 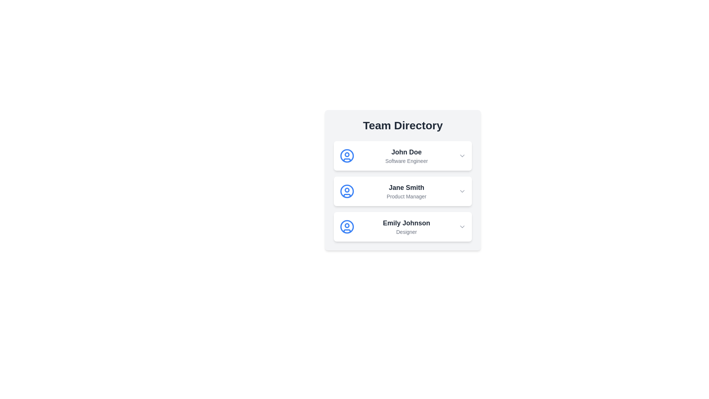 What do you see at coordinates (347, 155) in the screenshot?
I see `the user icon corresponding to John Doe` at bounding box center [347, 155].